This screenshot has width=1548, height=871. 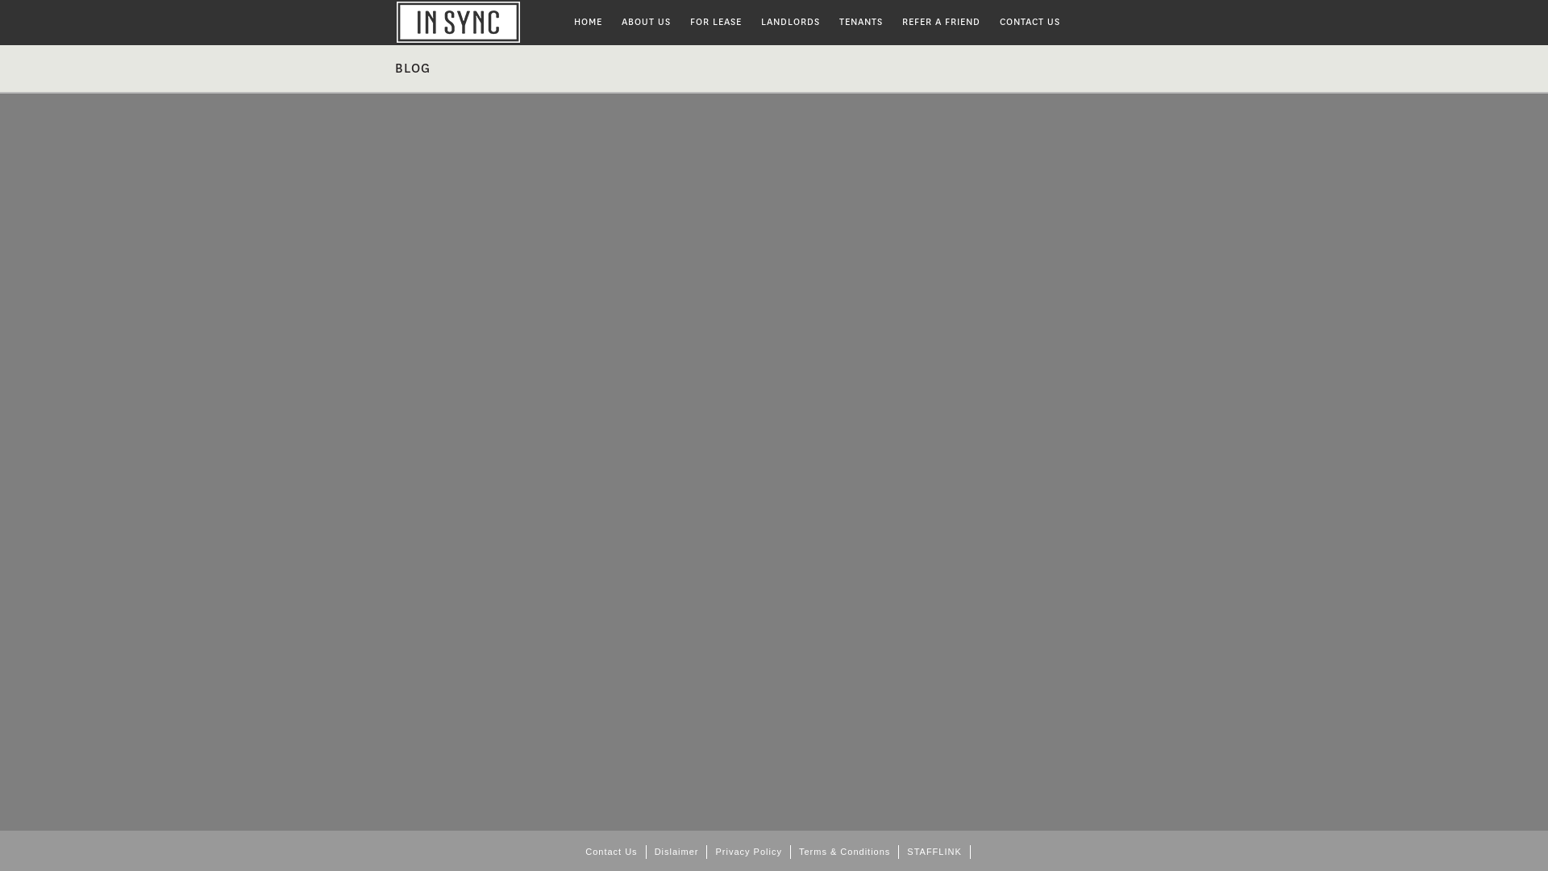 I want to click on 'HOME', so click(x=564, y=22).